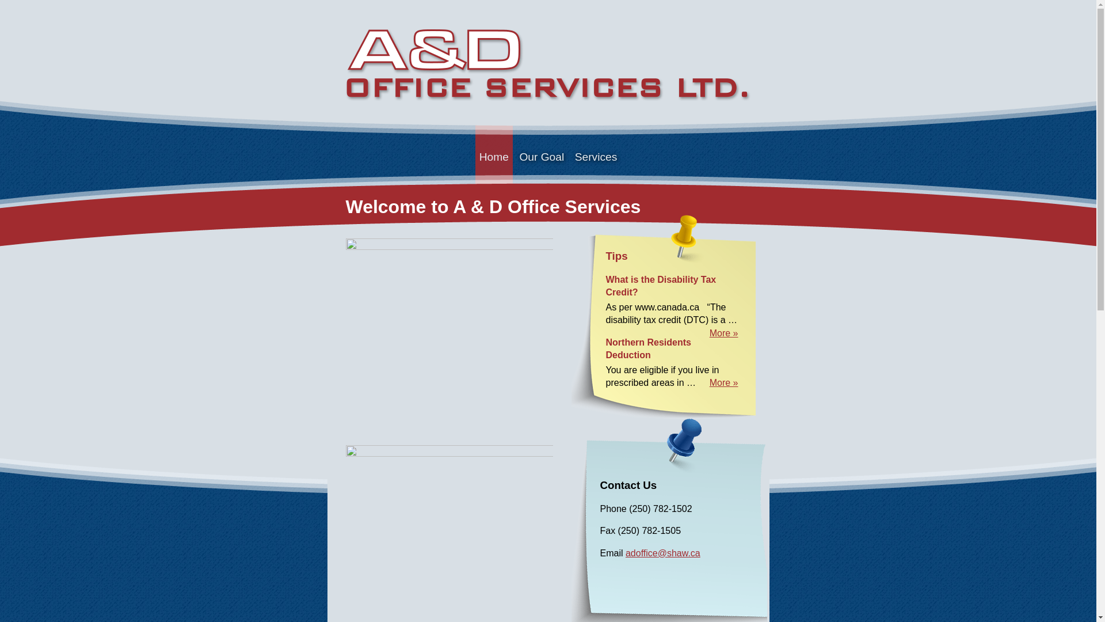 This screenshot has height=622, width=1105. What do you see at coordinates (475, 157) in the screenshot?
I see `'Home'` at bounding box center [475, 157].